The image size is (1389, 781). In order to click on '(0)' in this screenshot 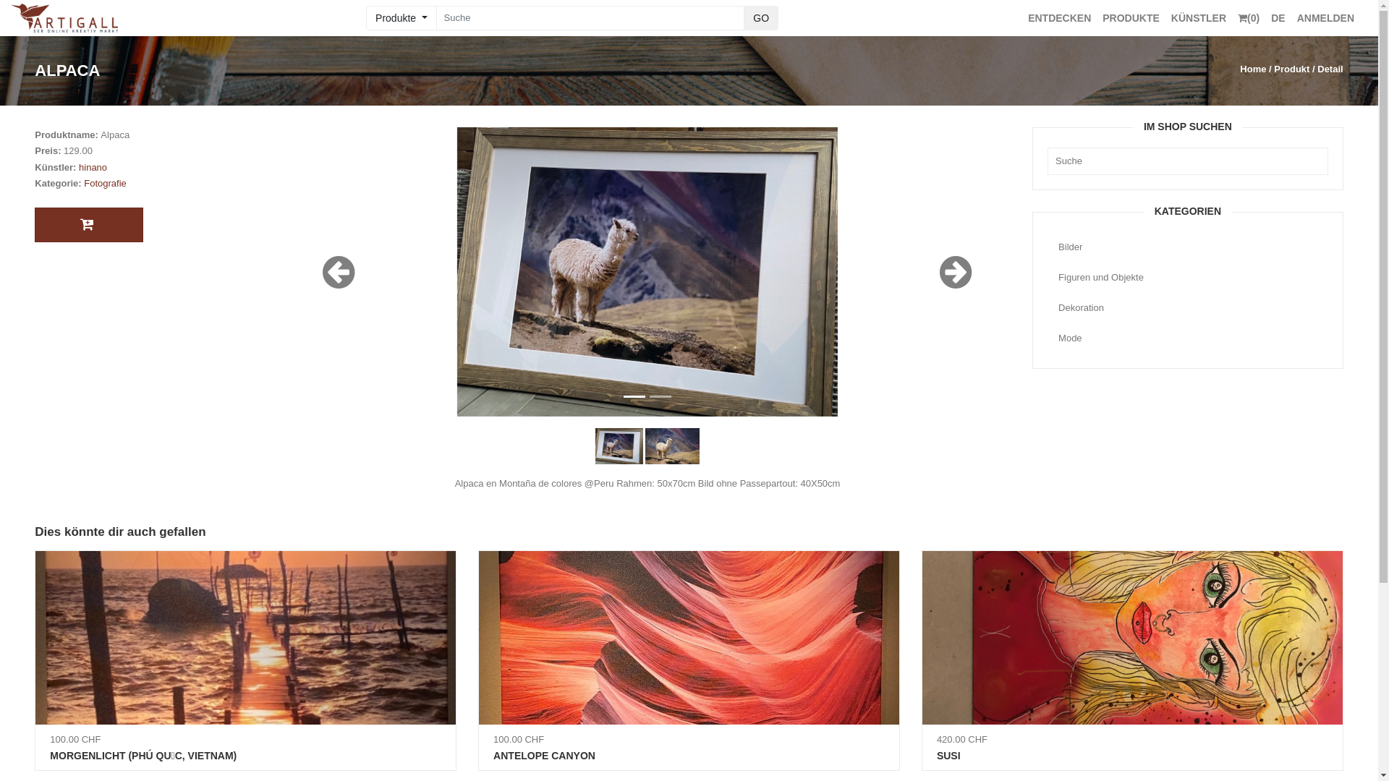, I will do `click(1248, 17)`.